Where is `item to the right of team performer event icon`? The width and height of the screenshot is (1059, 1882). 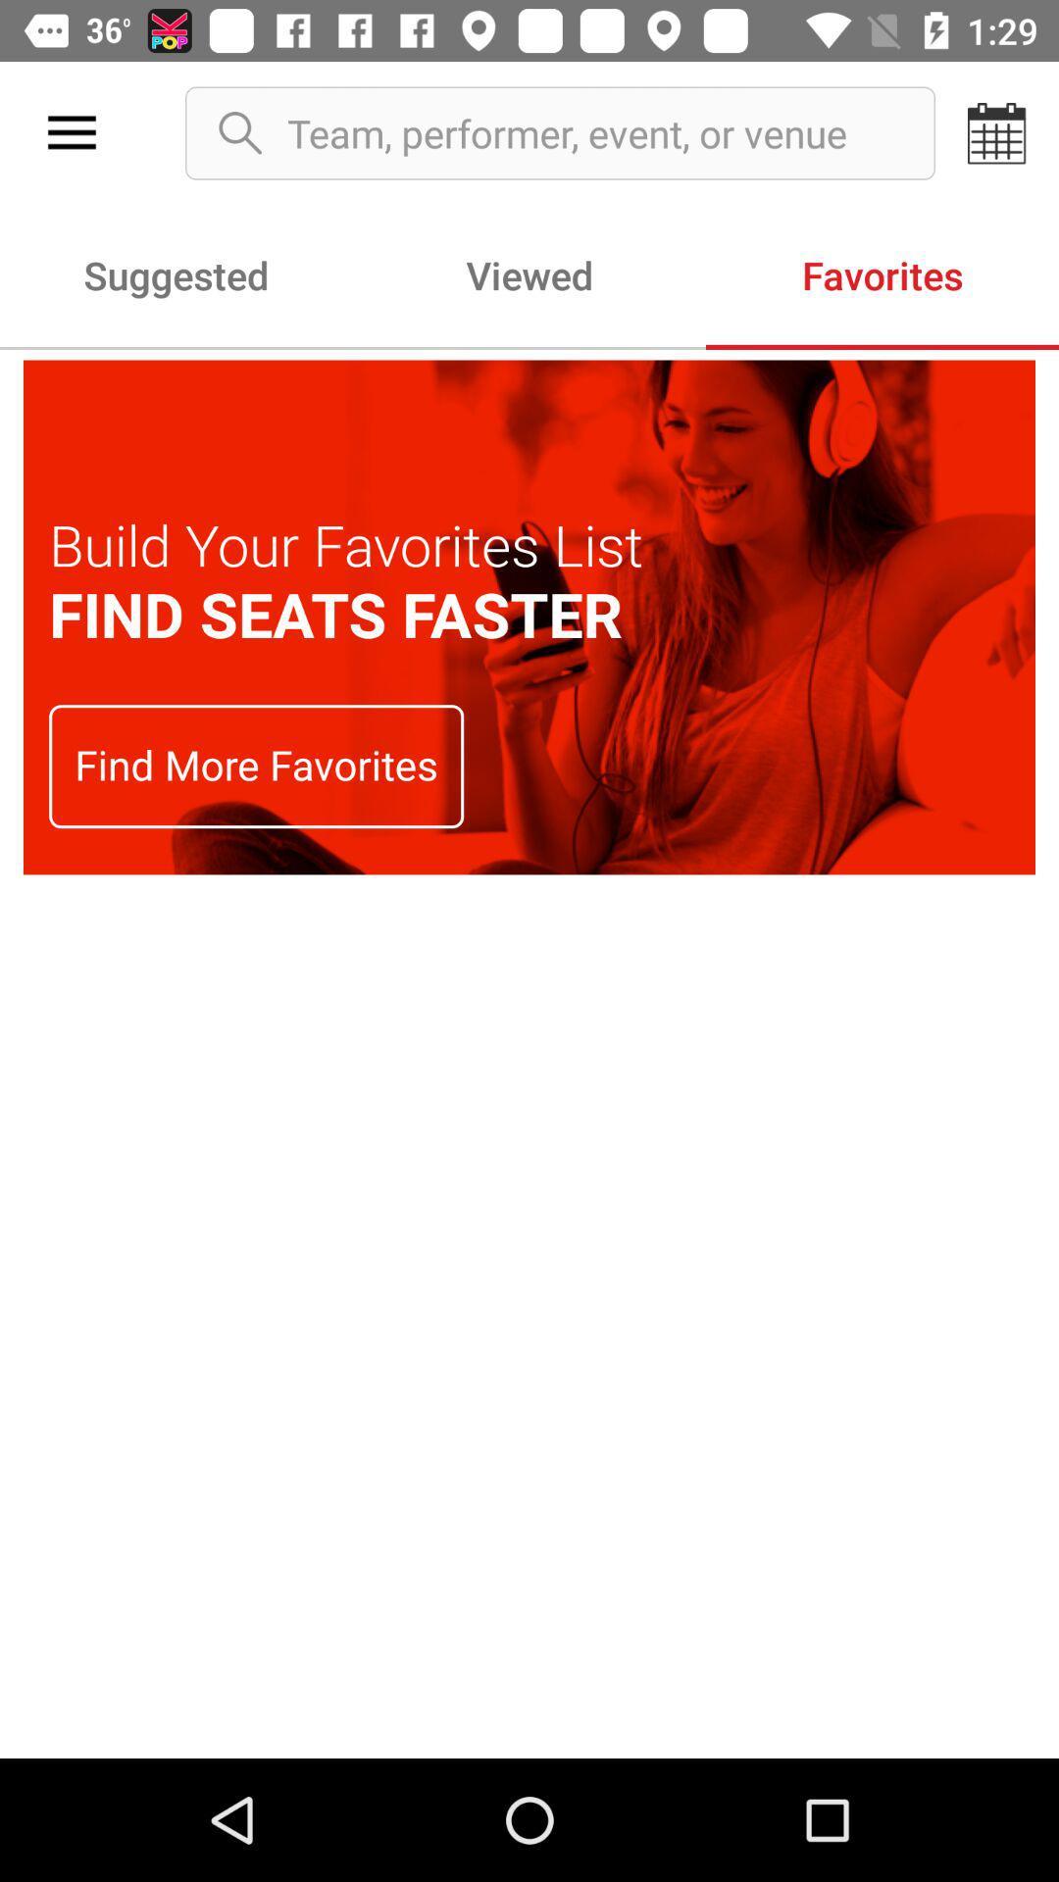
item to the right of team performer event icon is located at coordinates (997, 132).